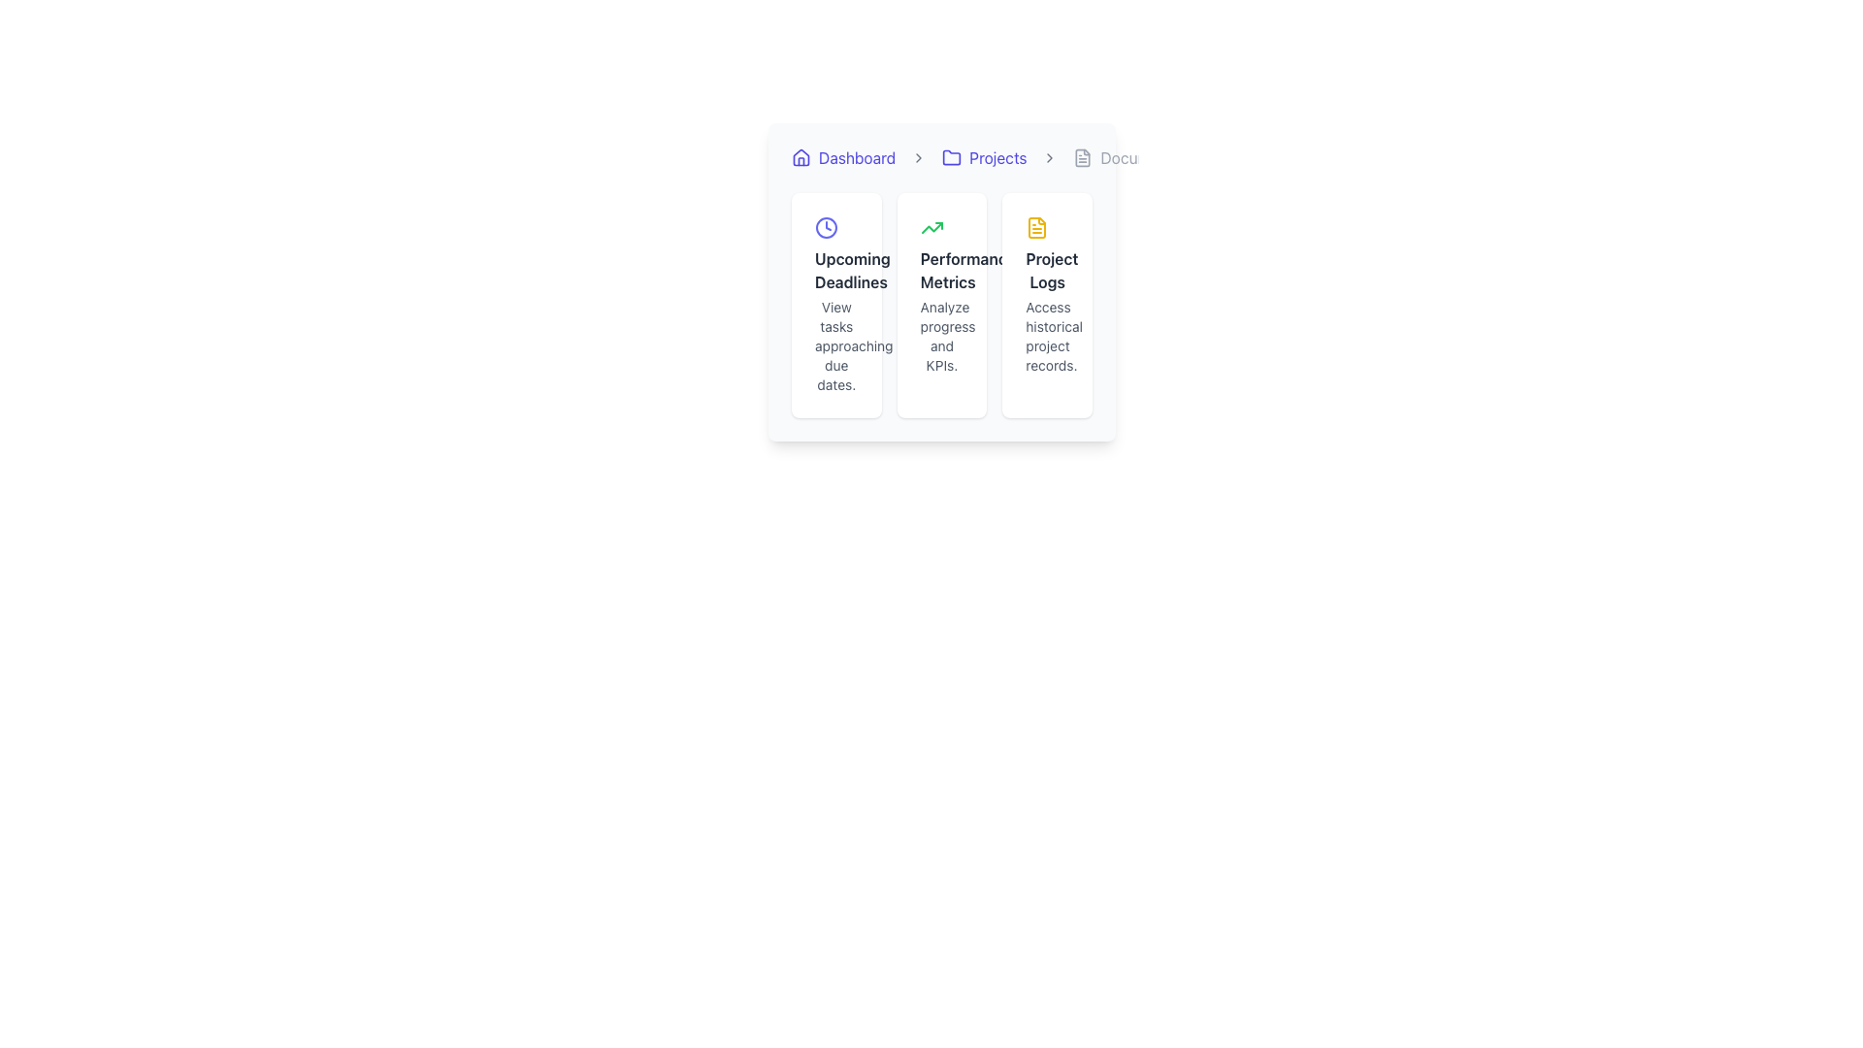  What do you see at coordinates (952, 156) in the screenshot?
I see `the folder icon in the breadcrumb navigation bar, which is located to the immediate left of the 'Projects' label` at bounding box center [952, 156].